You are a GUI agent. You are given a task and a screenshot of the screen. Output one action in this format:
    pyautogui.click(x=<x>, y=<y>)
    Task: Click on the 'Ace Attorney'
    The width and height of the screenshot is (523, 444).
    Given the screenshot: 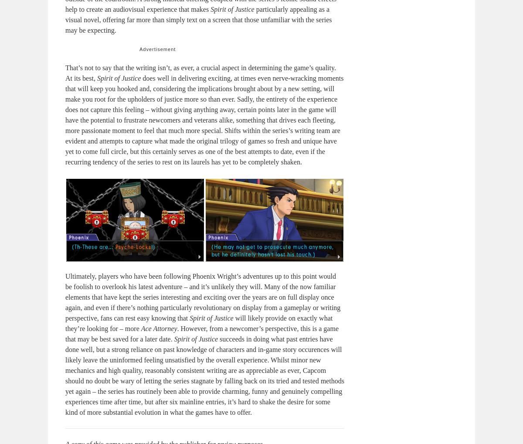 What is the action you would take?
    pyautogui.click(x=159, y=328)
    